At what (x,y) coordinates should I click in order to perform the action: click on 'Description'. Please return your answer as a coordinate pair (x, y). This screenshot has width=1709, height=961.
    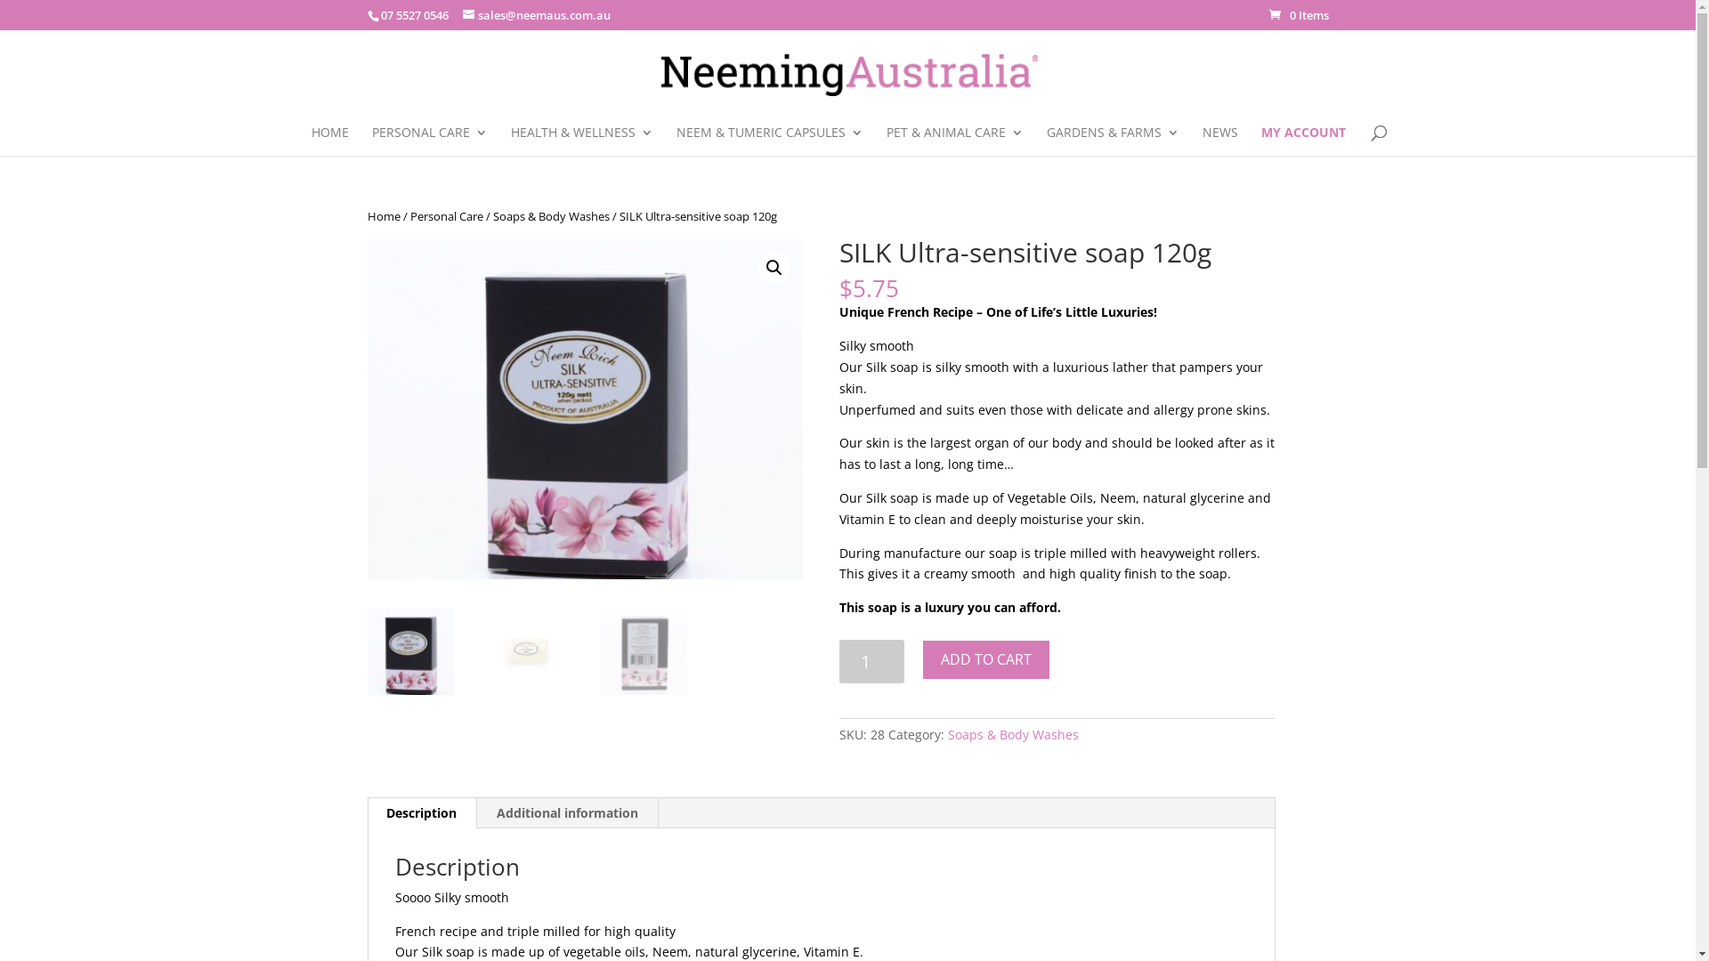
    Looking at the image, I should click on (420, 813).